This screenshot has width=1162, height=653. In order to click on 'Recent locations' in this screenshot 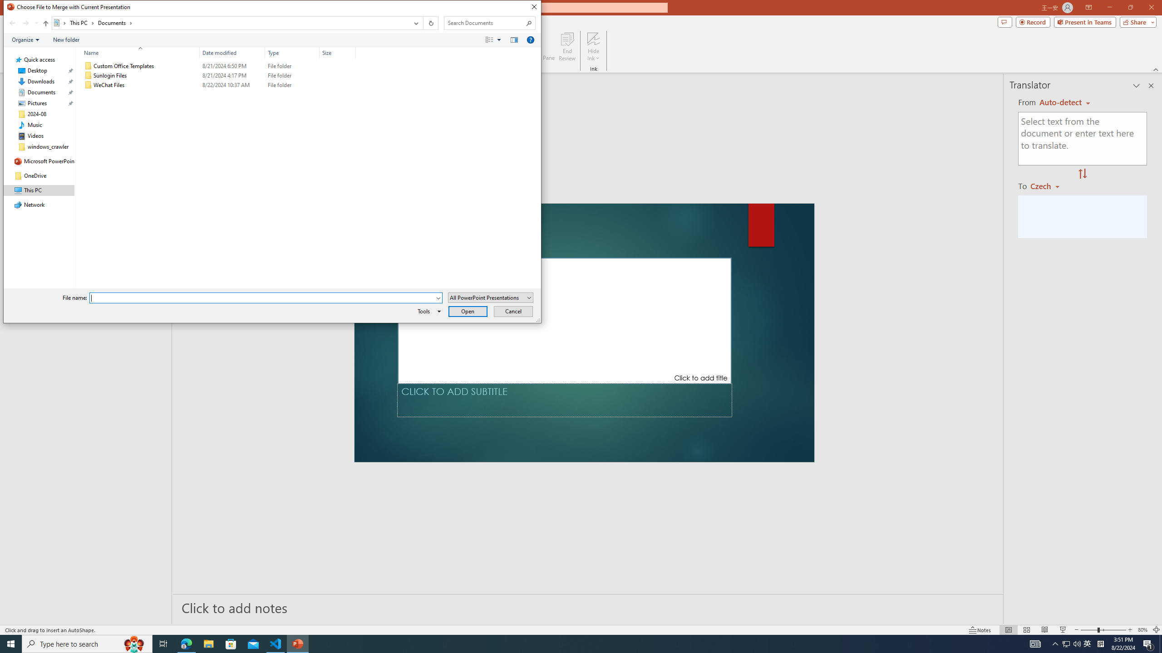, I will do `click(35, 23)`.